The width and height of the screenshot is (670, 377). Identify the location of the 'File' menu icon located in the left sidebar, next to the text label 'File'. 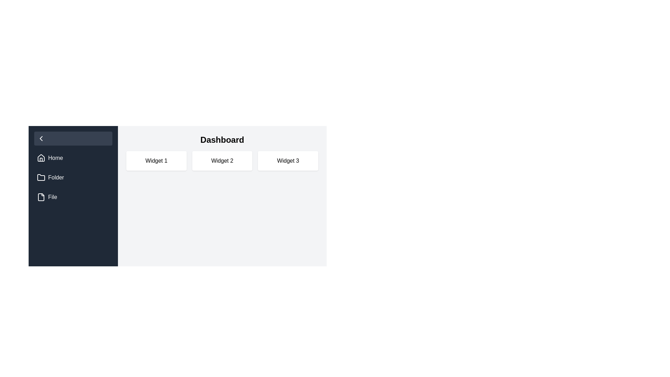
(41, 197).